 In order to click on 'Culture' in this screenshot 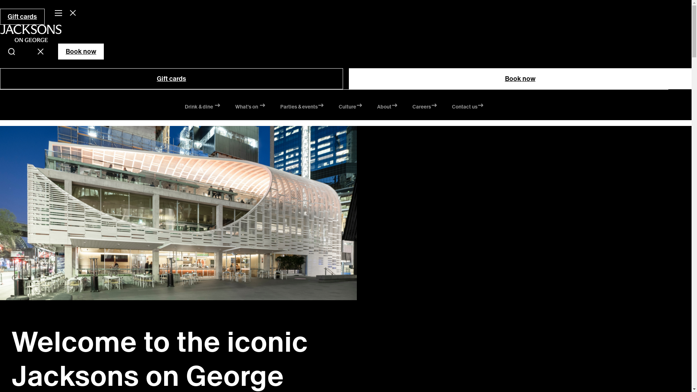, I will do `click(350, 108)`.